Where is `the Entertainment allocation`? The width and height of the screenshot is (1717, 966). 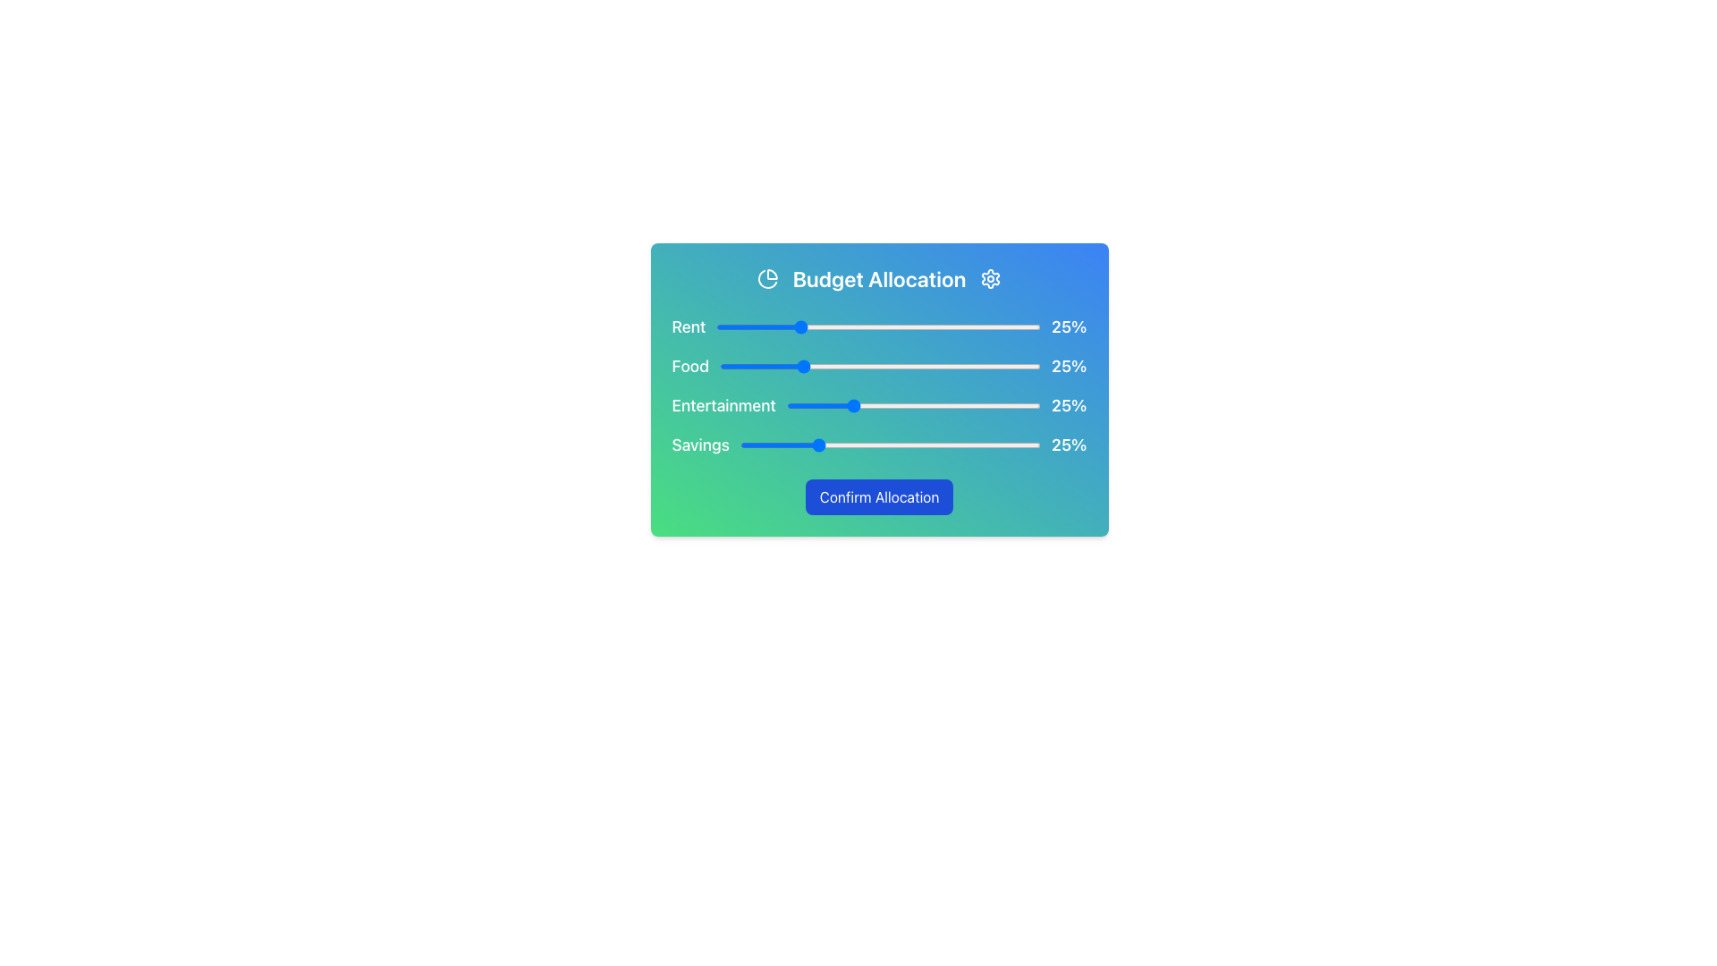
the Entertainment allocation is located at coordinates (791, 406).